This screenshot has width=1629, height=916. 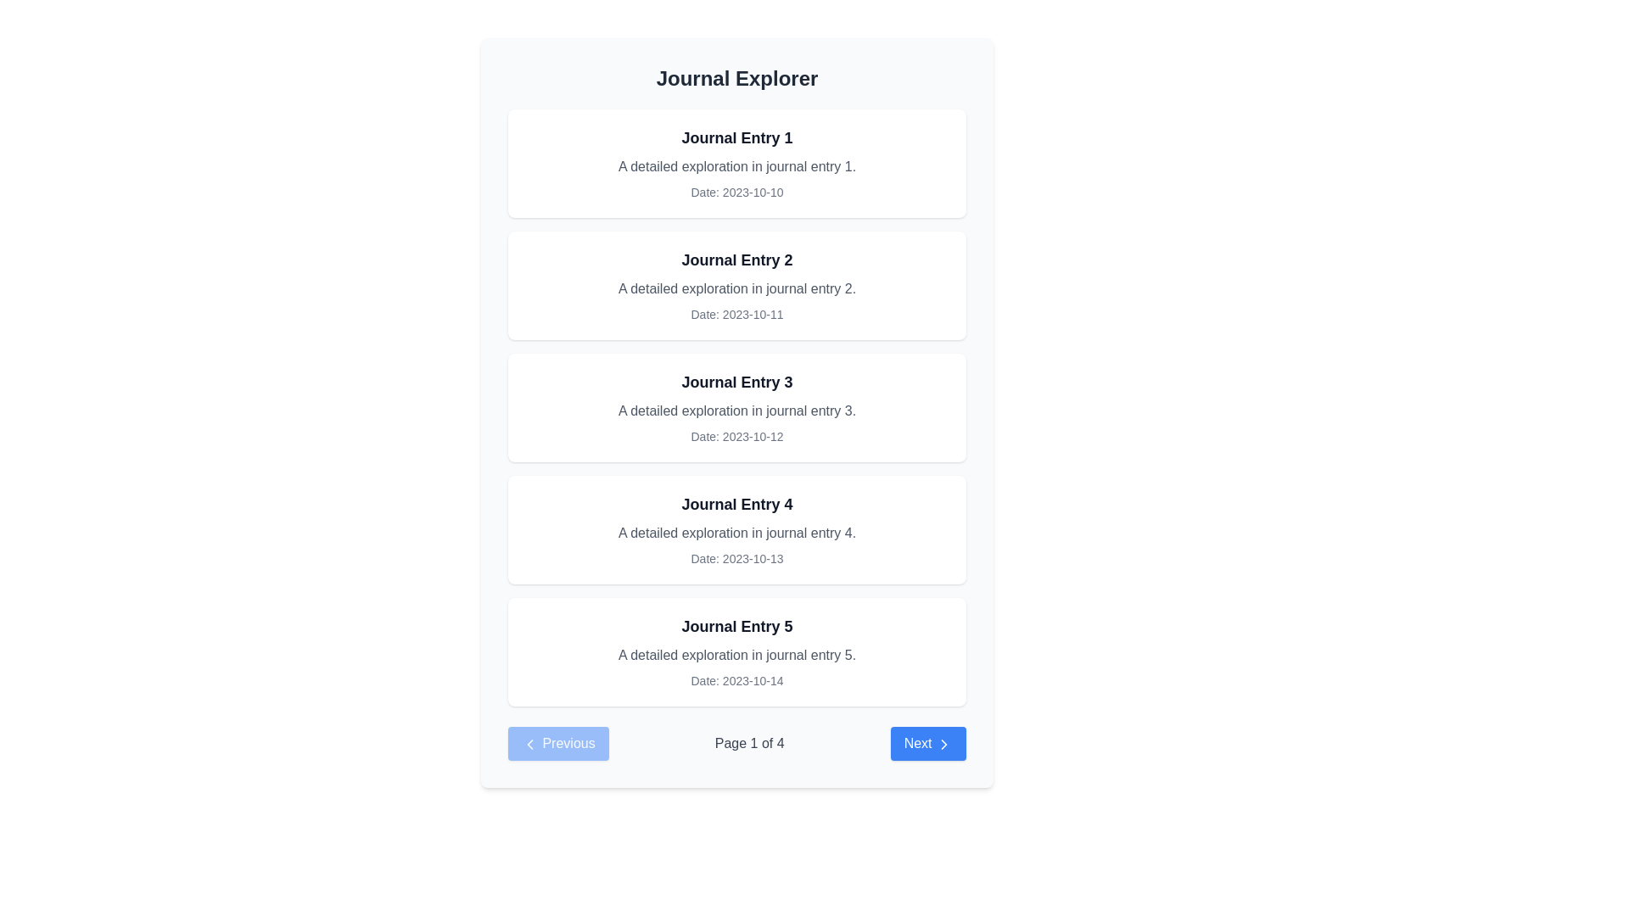 What do you see at coordinates (736, 503) in the screenshot?
I see `static text element displaying 'Journal Entry 4', which is positioned at the top of the fourth journal entry card in a vertical list of similar cards` at bounding box center [736, 503].